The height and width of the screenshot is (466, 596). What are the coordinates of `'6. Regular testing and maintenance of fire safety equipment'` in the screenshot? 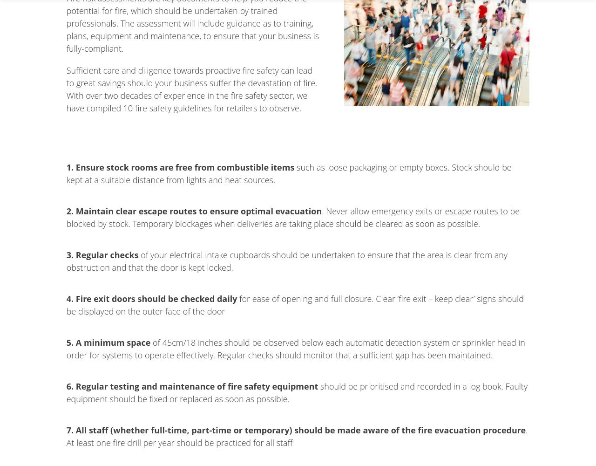 It's located at (65, 385).